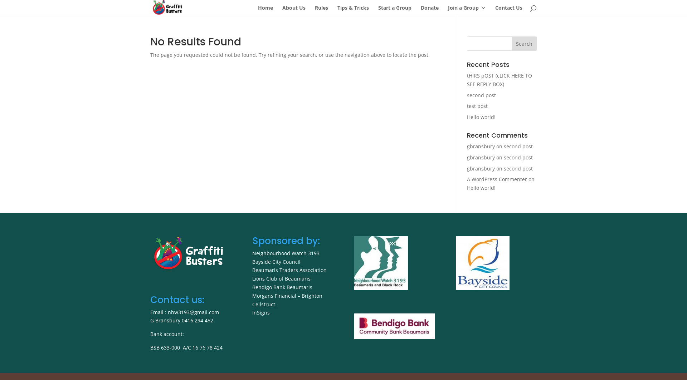 Image resolution: width=687 pixels, height=386 pixels. I want to click on 'Start a Group', so click(394, 10).